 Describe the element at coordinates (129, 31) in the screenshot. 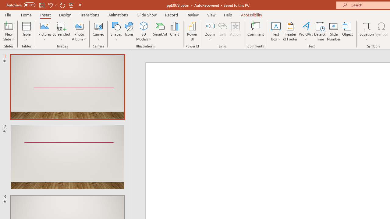

I see `'Icons'` at that location.